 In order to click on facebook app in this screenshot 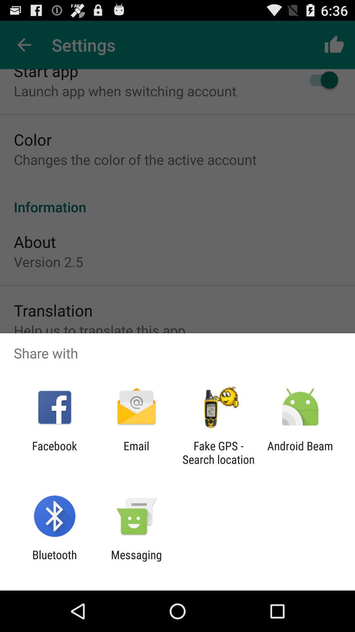, I will do `click(54, 452)`.